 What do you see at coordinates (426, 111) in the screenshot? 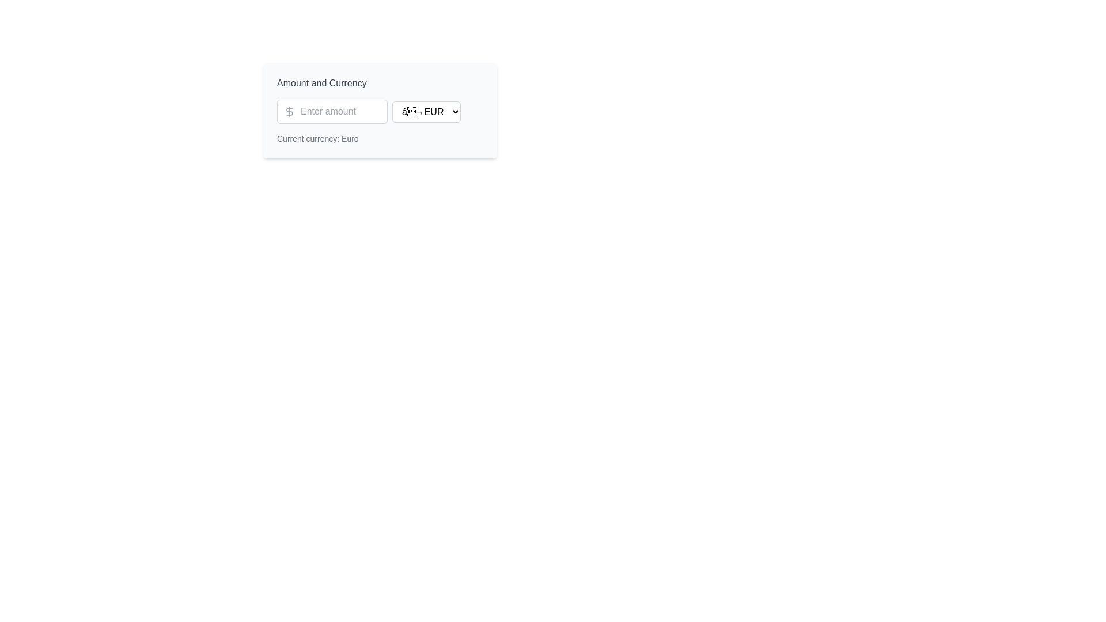
I see `the dropdown menu located to the right of the 'Enter amount' input field` at bounding box center [426, 111].